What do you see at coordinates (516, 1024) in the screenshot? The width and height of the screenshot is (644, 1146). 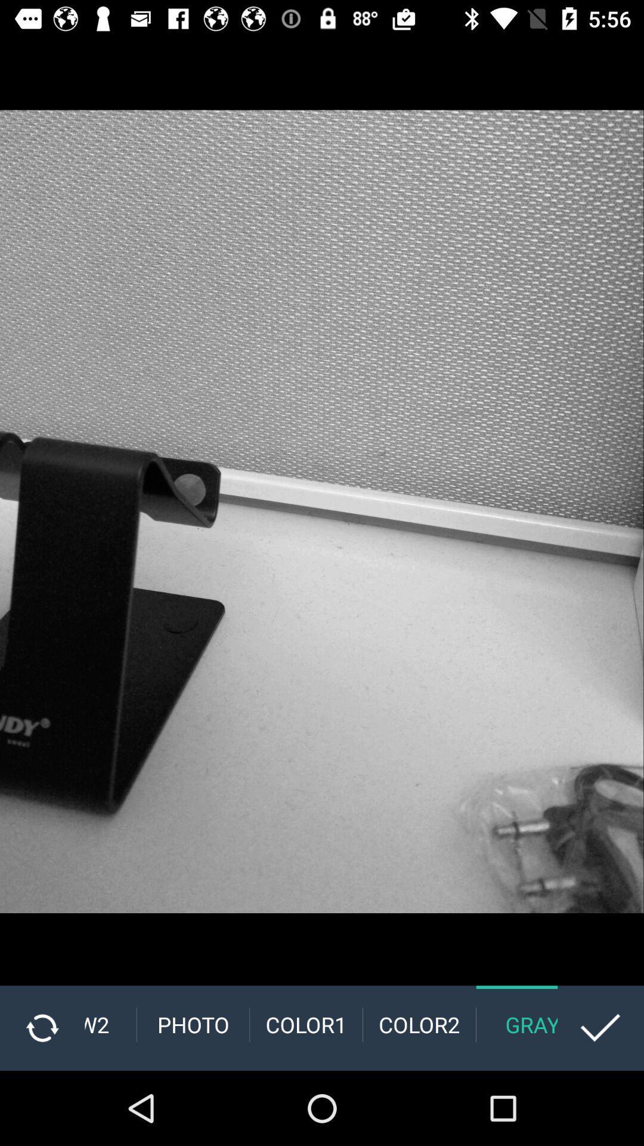 I see `gray item` at bounding box center [516, 1024].